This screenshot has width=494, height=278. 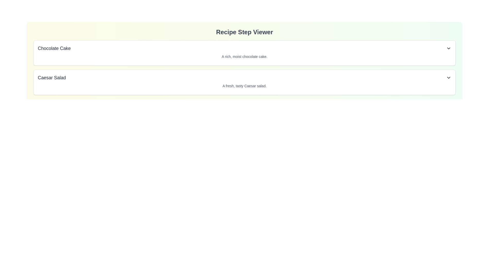 What do you see at coordinates (54, 48) in the screenshot?
I see `the text label displaying 'Chocolate Cake' in bold, dark gray font located in the top left region of the interface, above the 'Caesar Salad' text element` at bounding box center [54, 48].